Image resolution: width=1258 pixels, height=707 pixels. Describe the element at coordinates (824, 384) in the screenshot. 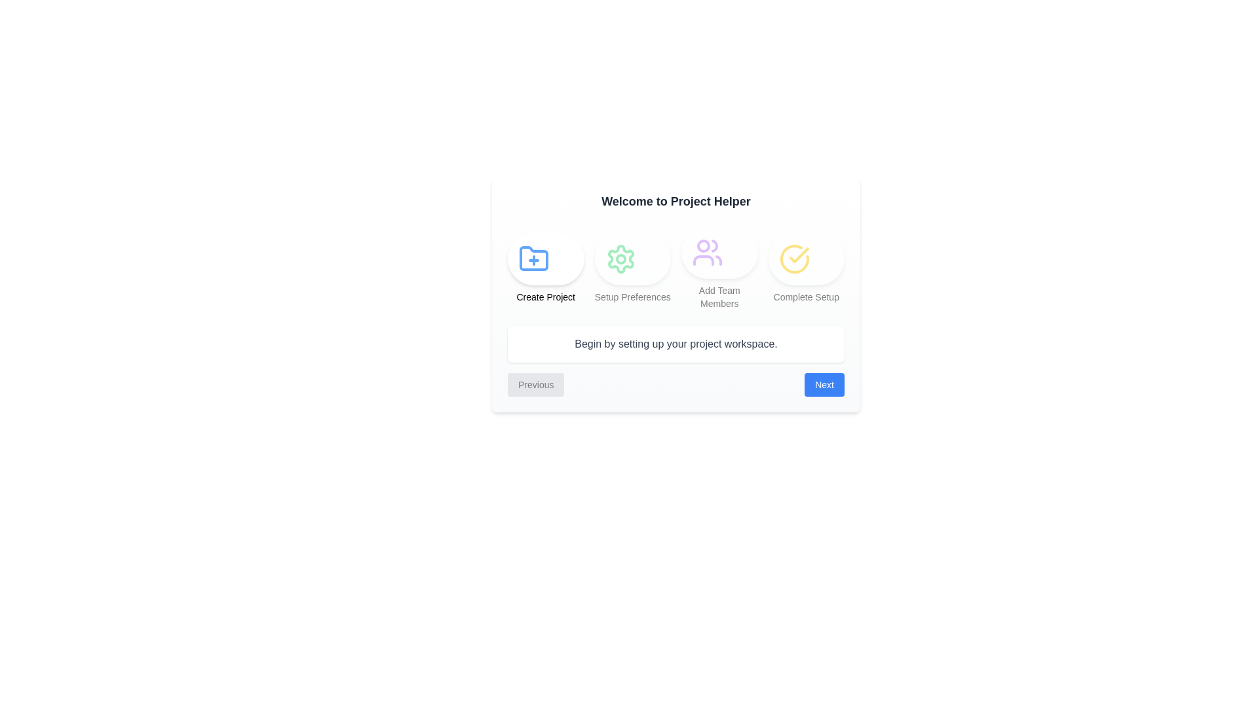

I see `Next button to navigate through the steps` at that location.